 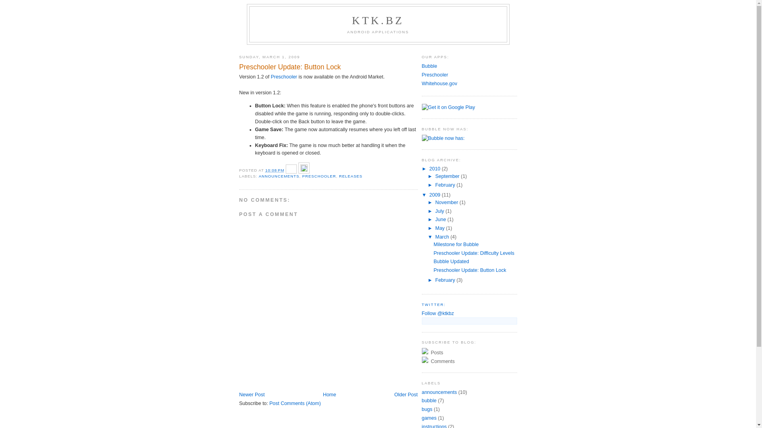 What do you see at coordinates (474, 253) in the screenshot?
I see `'Preschooler Update: Difficulty Levels'` at bounding box center [474, 253].